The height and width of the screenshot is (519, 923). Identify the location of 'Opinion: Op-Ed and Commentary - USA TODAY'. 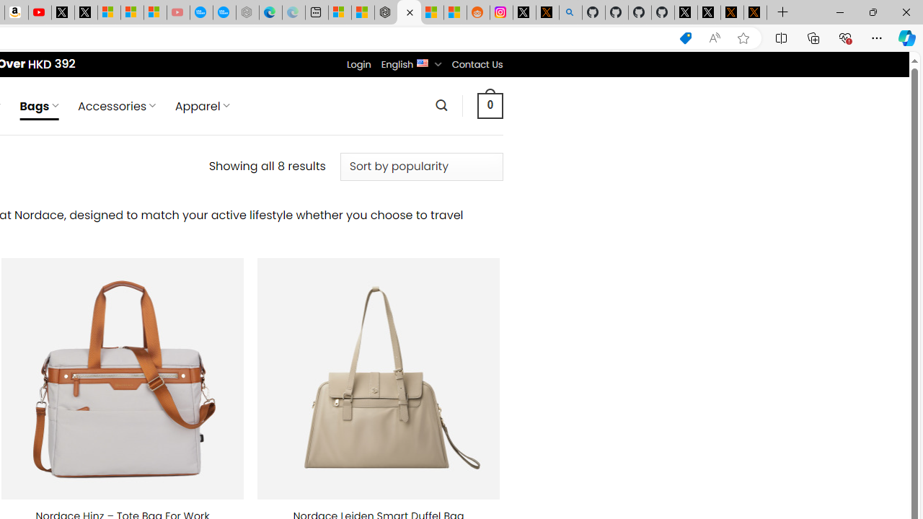
(200, 12).